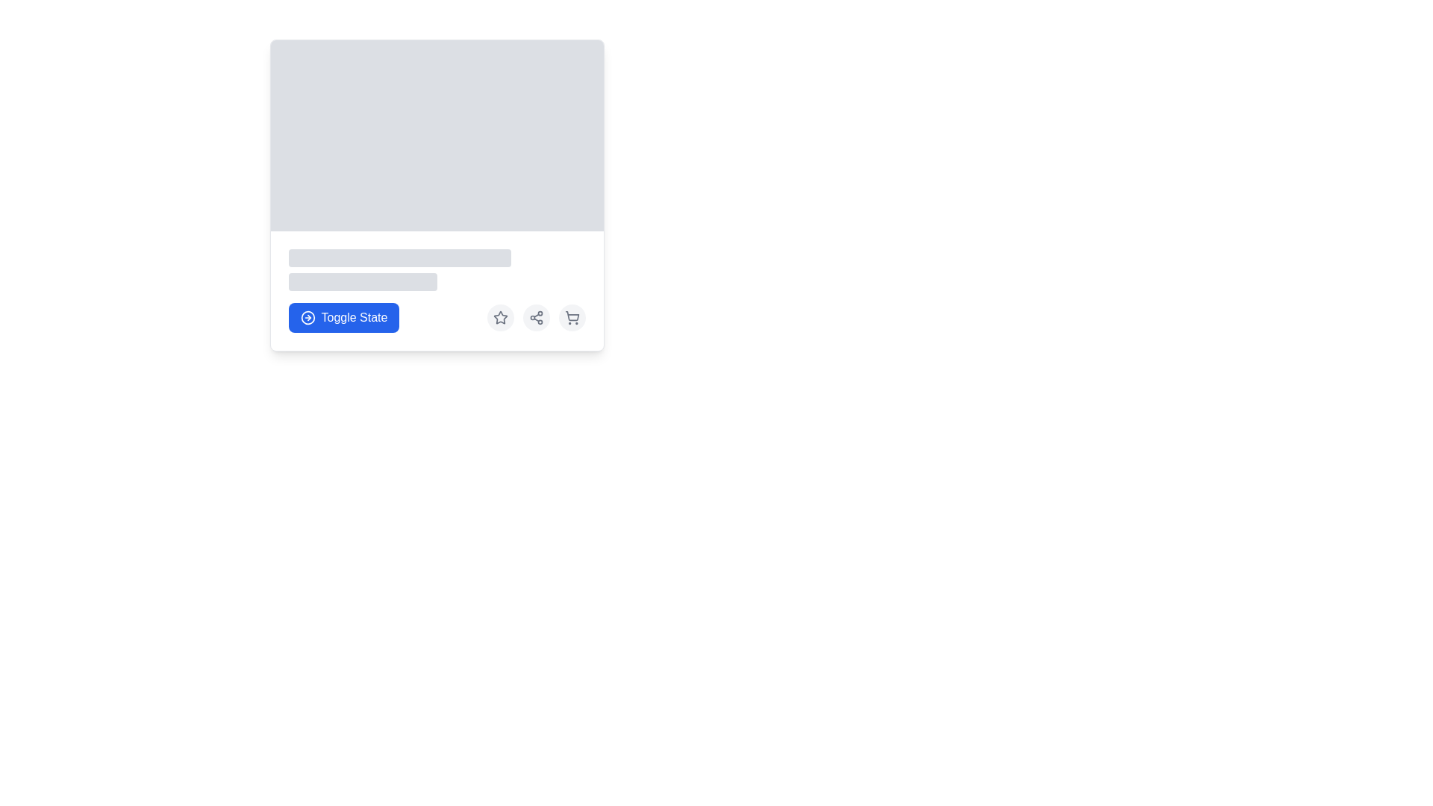 The image size is (1433, 806). Describe the element at coordinates (307, 316) in the screenshot. I see `the circular icon element within the SVG that represents a button or icon group, located towards the right side of the user interface` at that location.